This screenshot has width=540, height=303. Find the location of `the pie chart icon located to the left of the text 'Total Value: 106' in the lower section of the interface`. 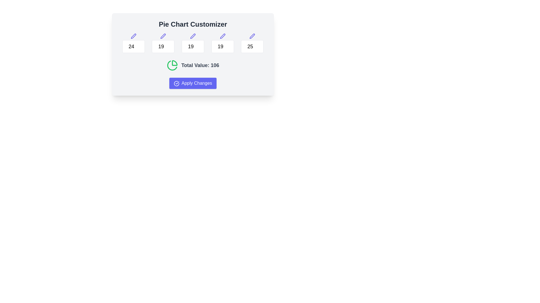

the pie chart icon located to the left of the text 'Total Value: 106' in the lower section of the interface is located at coordinates (172, 65).